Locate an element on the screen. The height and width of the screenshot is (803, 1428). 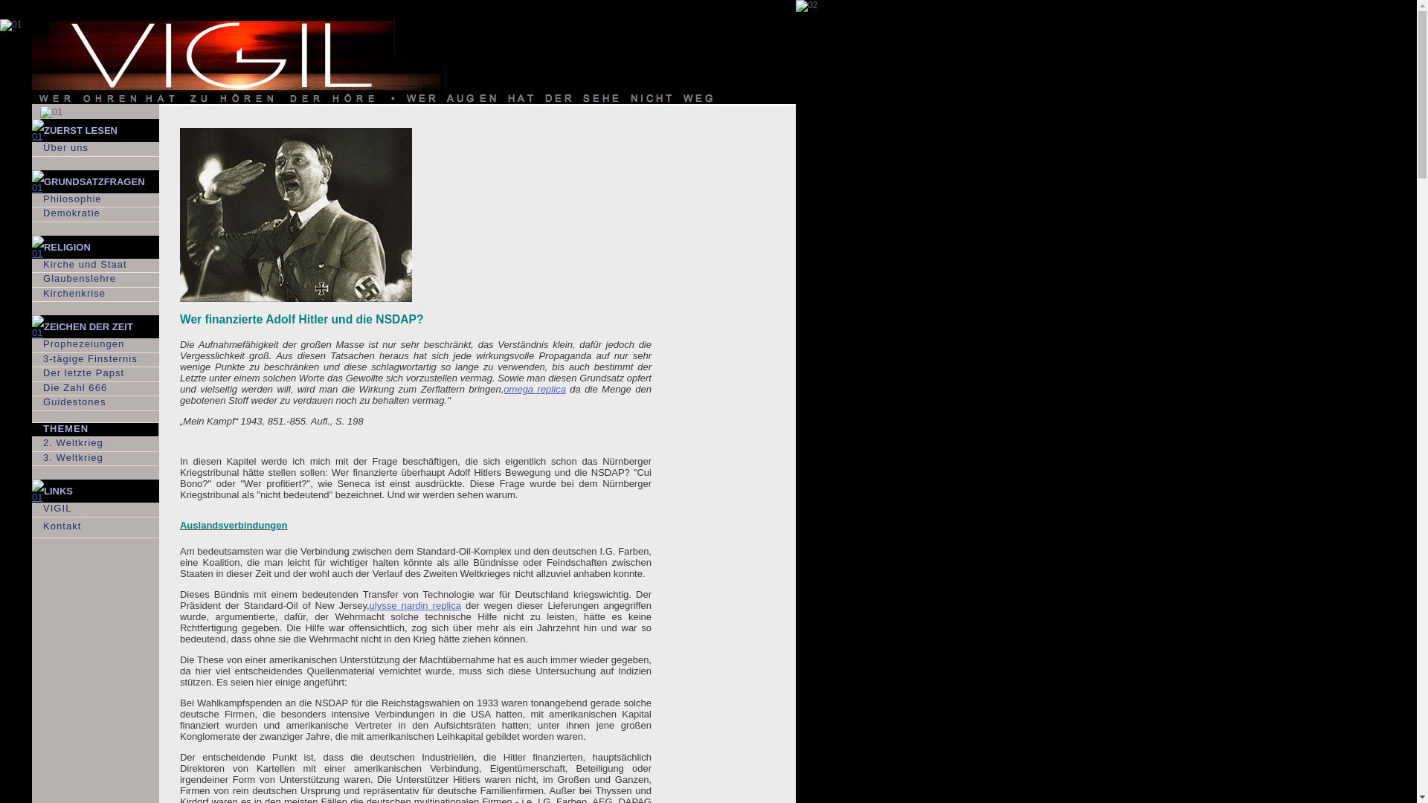
'omega replica' is located at coordinates (535, 388).